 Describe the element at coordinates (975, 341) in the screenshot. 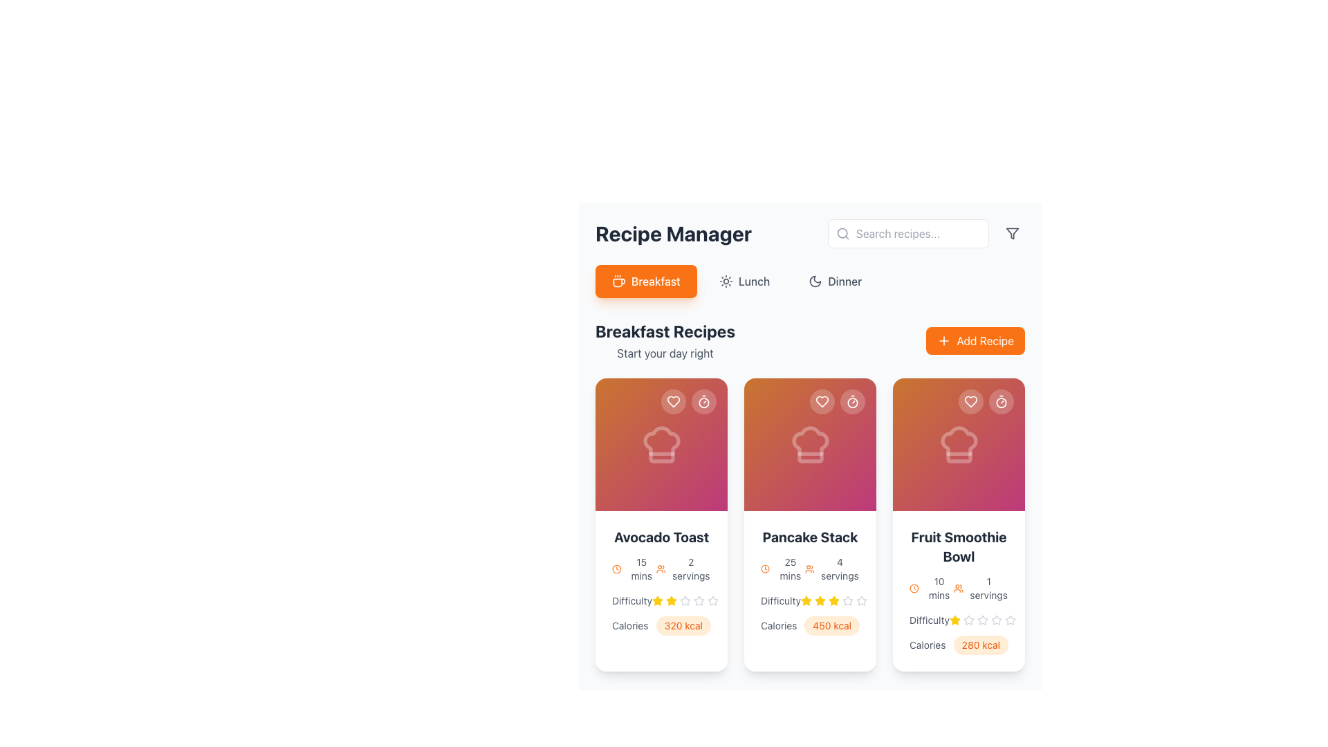

I see `the 'Add Recipe' button, which is positioned to the right of the text 'Start your day right' within the 'Breakfast Recipes' section` at that location.